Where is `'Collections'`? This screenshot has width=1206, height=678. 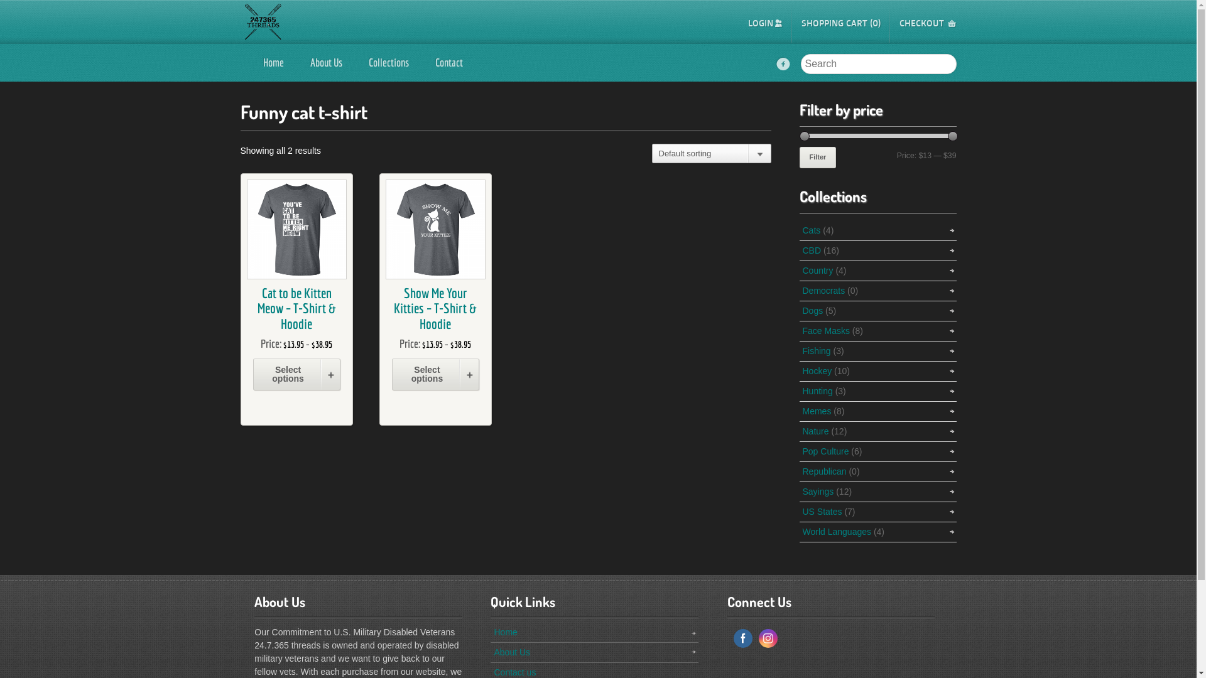 'Collections' is located at coordinates (355, 63).